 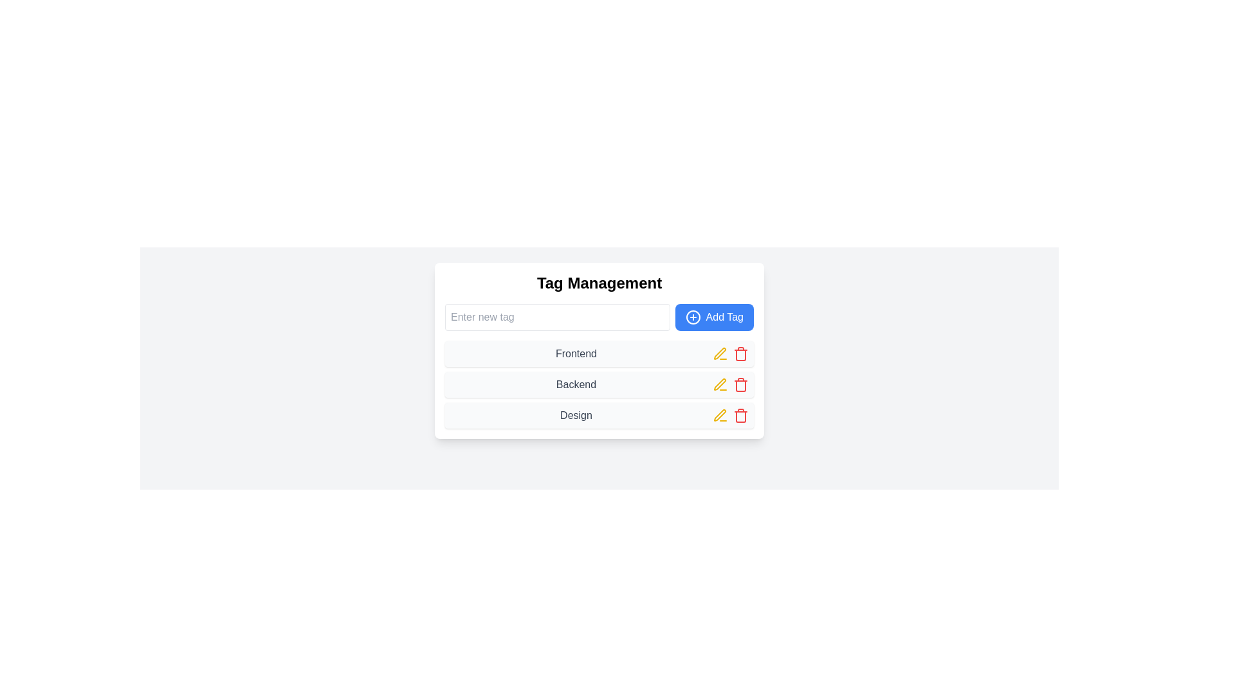 What do you see at coordinates (692, 317) in the screenshot?
I see `the SVG graphic icon representing the 'add' function, located to the left of the blue 'Add Tag' button in the tag management section of the interface` at bounding box center [692, 317].